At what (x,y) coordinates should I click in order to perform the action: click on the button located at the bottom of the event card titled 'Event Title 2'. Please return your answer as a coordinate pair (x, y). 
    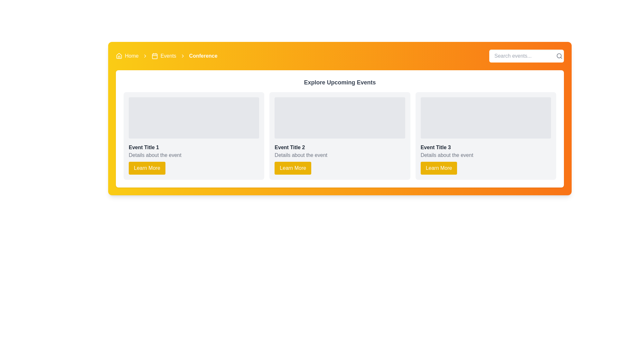
    Looking at the image, I should click on (293, 168).